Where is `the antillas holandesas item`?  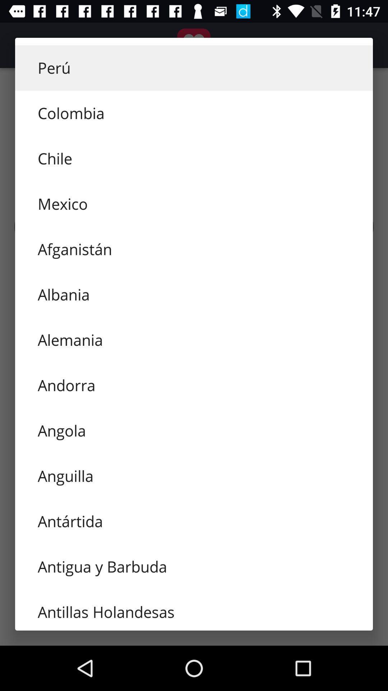 the antillas holandesas item is located at coordinates (194, 609).